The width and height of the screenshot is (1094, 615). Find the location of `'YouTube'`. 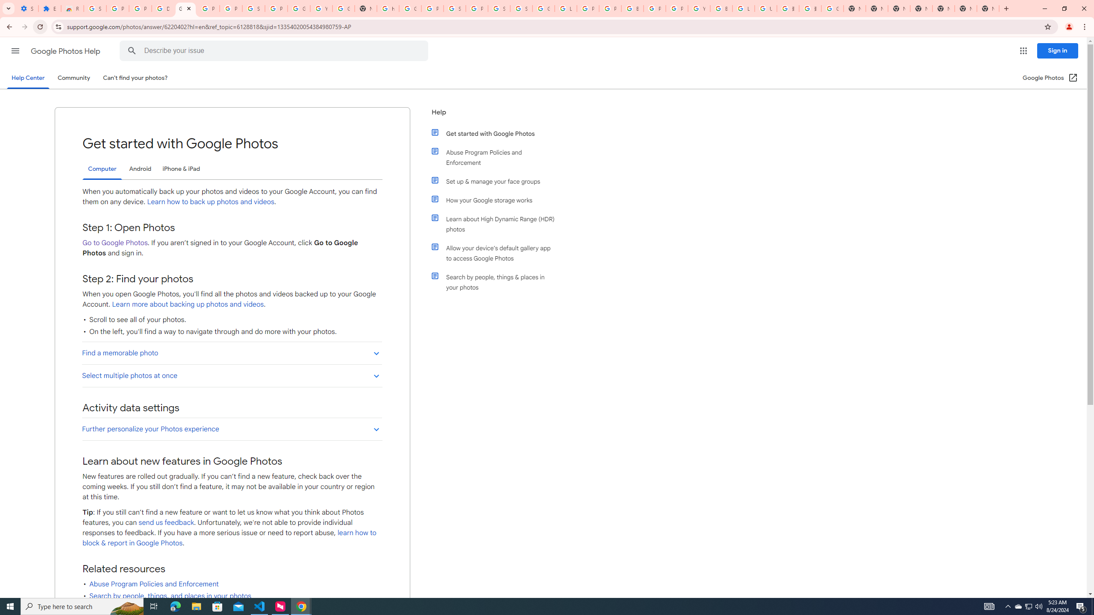

'YouTube' is located at coordinates (698, 8).